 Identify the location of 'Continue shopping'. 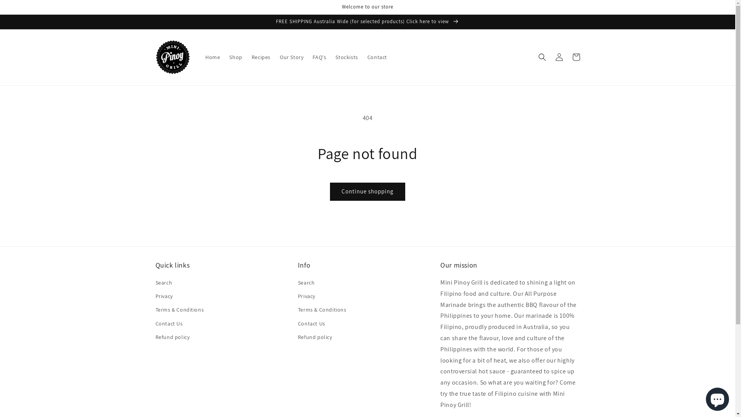
(367, 191).